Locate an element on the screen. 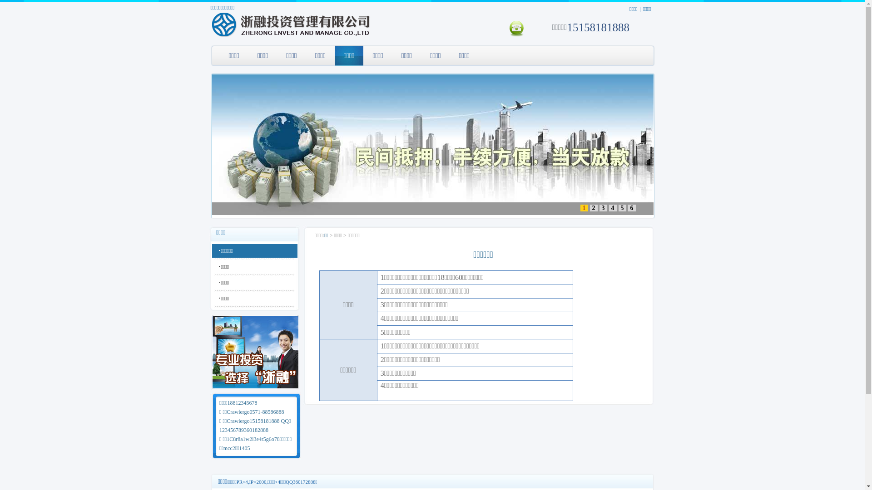  '4' is located at coordinates (608, 208).